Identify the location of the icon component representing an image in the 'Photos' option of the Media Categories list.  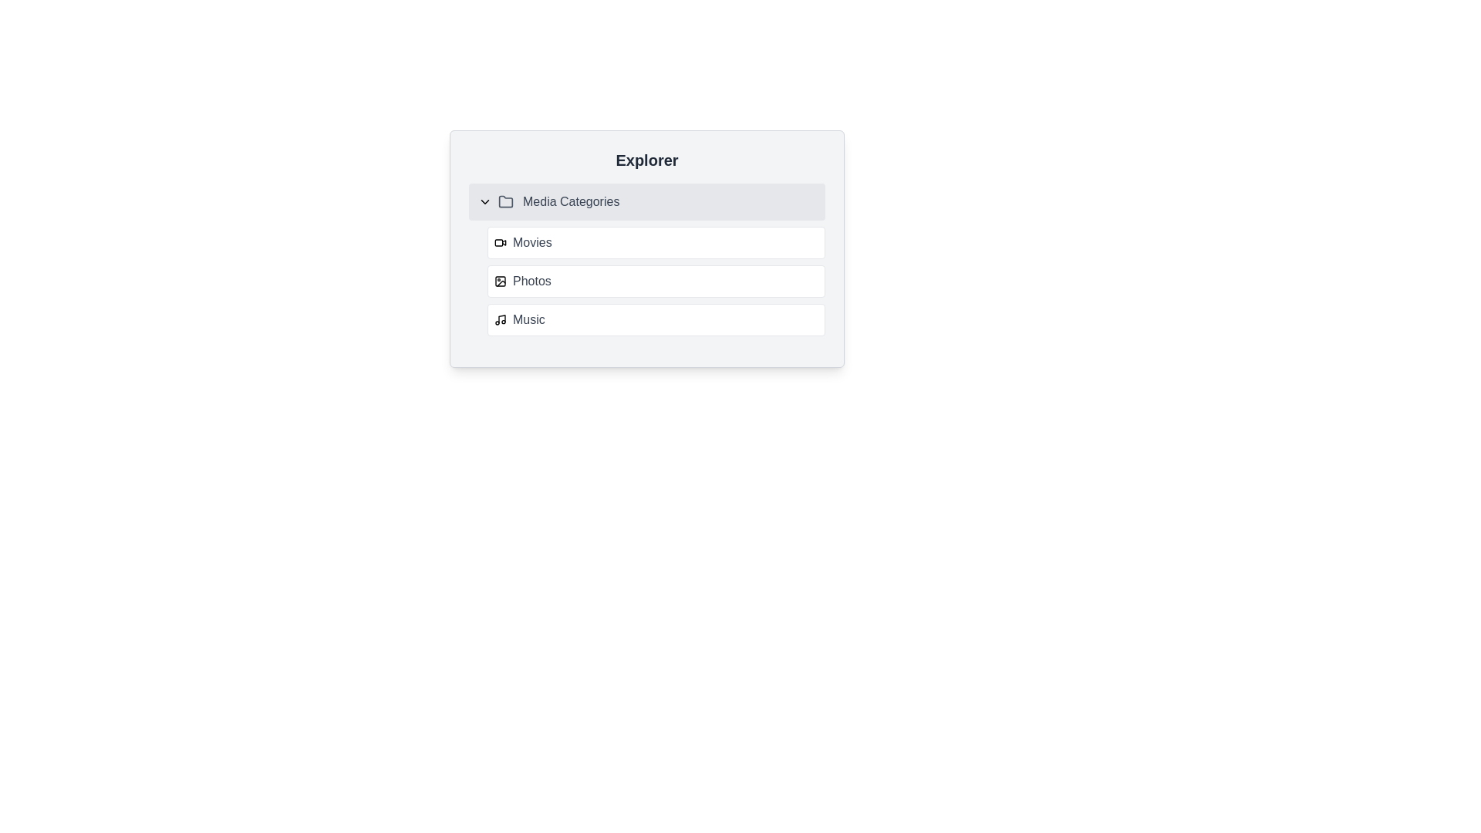
(500, 282).